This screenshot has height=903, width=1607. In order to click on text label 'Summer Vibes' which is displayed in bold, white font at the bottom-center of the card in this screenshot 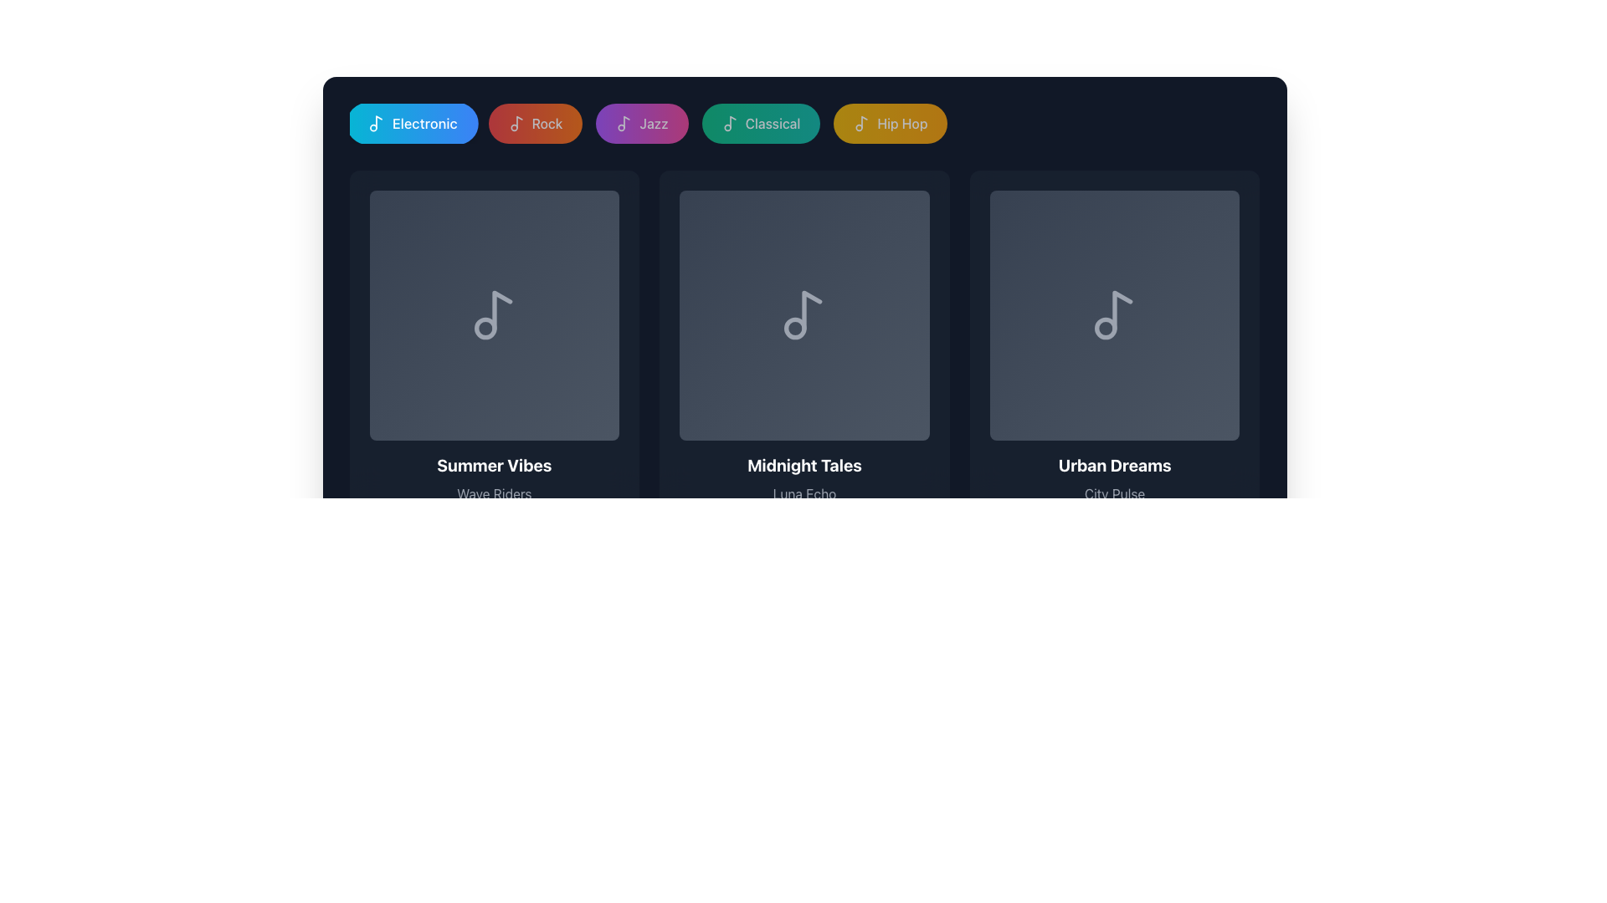, I will do `click(493, 465)`.